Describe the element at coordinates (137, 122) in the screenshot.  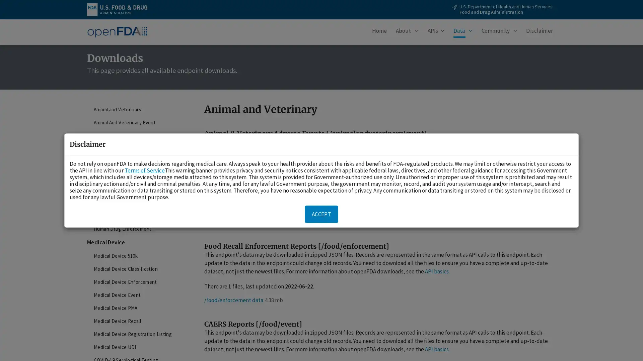
I see `Animal And Veterinary Event` at that location.